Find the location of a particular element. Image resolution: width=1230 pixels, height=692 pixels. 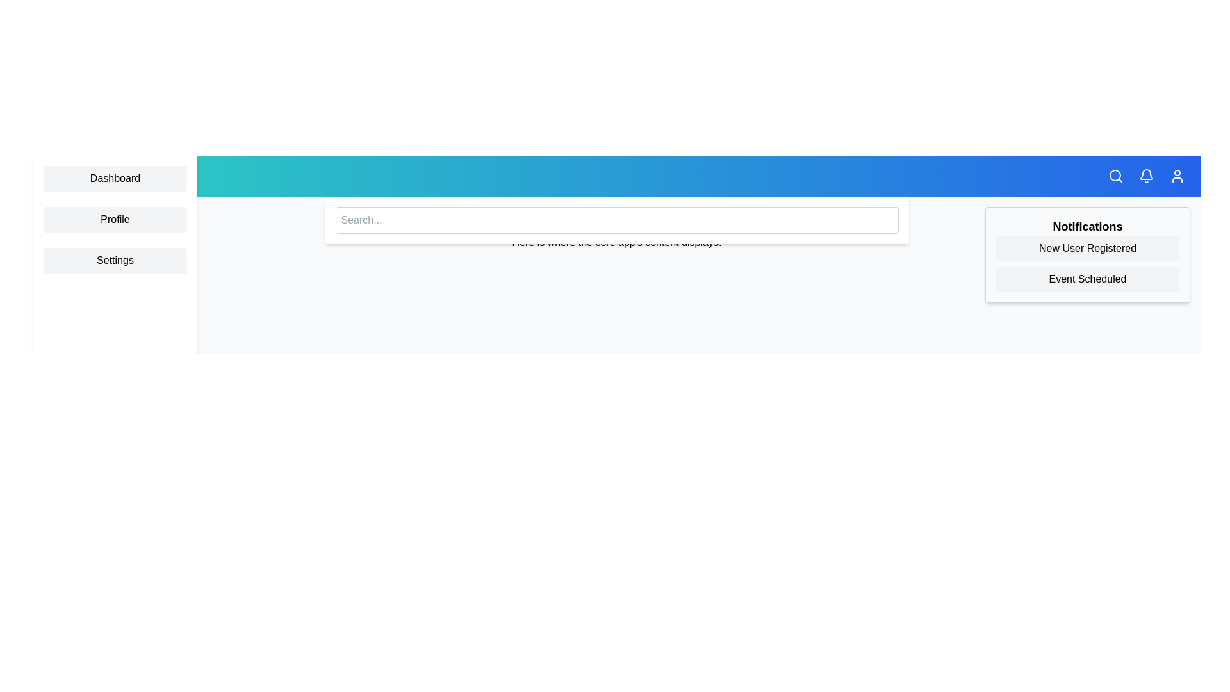

the Notification Panel, which has a gray background, rounded edges, and contains the title 'Notifications' along with two items labeled 'New User Registered' and 'Event Scheduled' is located at coordinates (1087, 254).